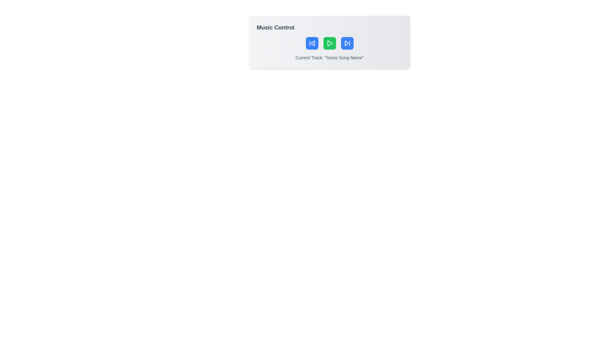 The image size is (603, 339). Describe the element at coordinates (347, 43) in the screenshot. I see `the 'skip forward' icon button, which is a blue button with a white triangular arrow pointing right, located to the right of the green 'Play' button in the music control section` at that location.